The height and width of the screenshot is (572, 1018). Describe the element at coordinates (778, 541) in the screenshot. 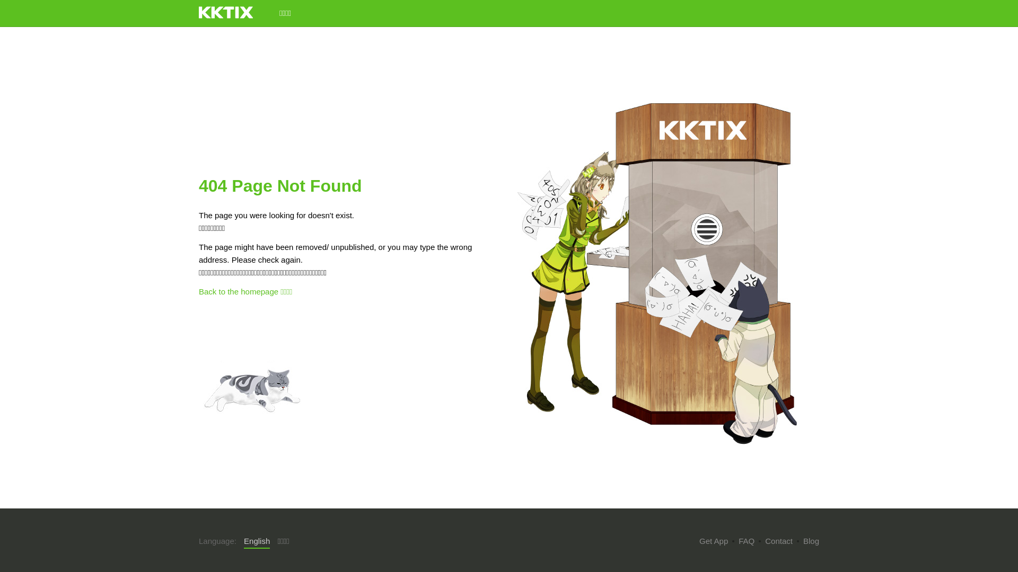

I see `'Contact'` at that location.